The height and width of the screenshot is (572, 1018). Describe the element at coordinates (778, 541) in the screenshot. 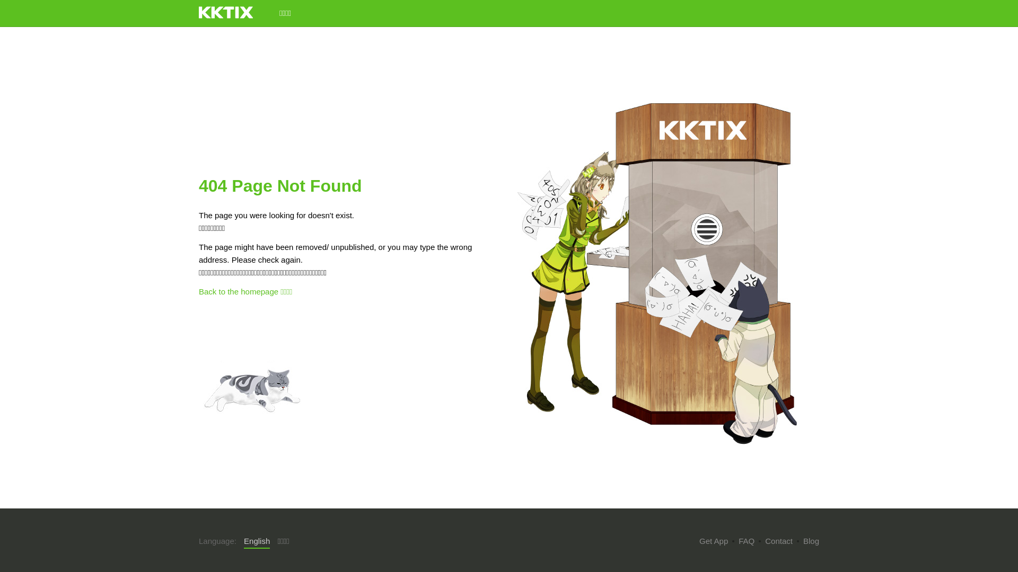

I see `'Contact'` at that location.